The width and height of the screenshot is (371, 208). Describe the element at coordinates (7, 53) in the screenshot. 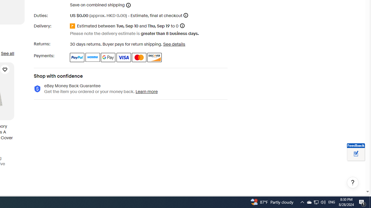

I see `'See all'` at that location.